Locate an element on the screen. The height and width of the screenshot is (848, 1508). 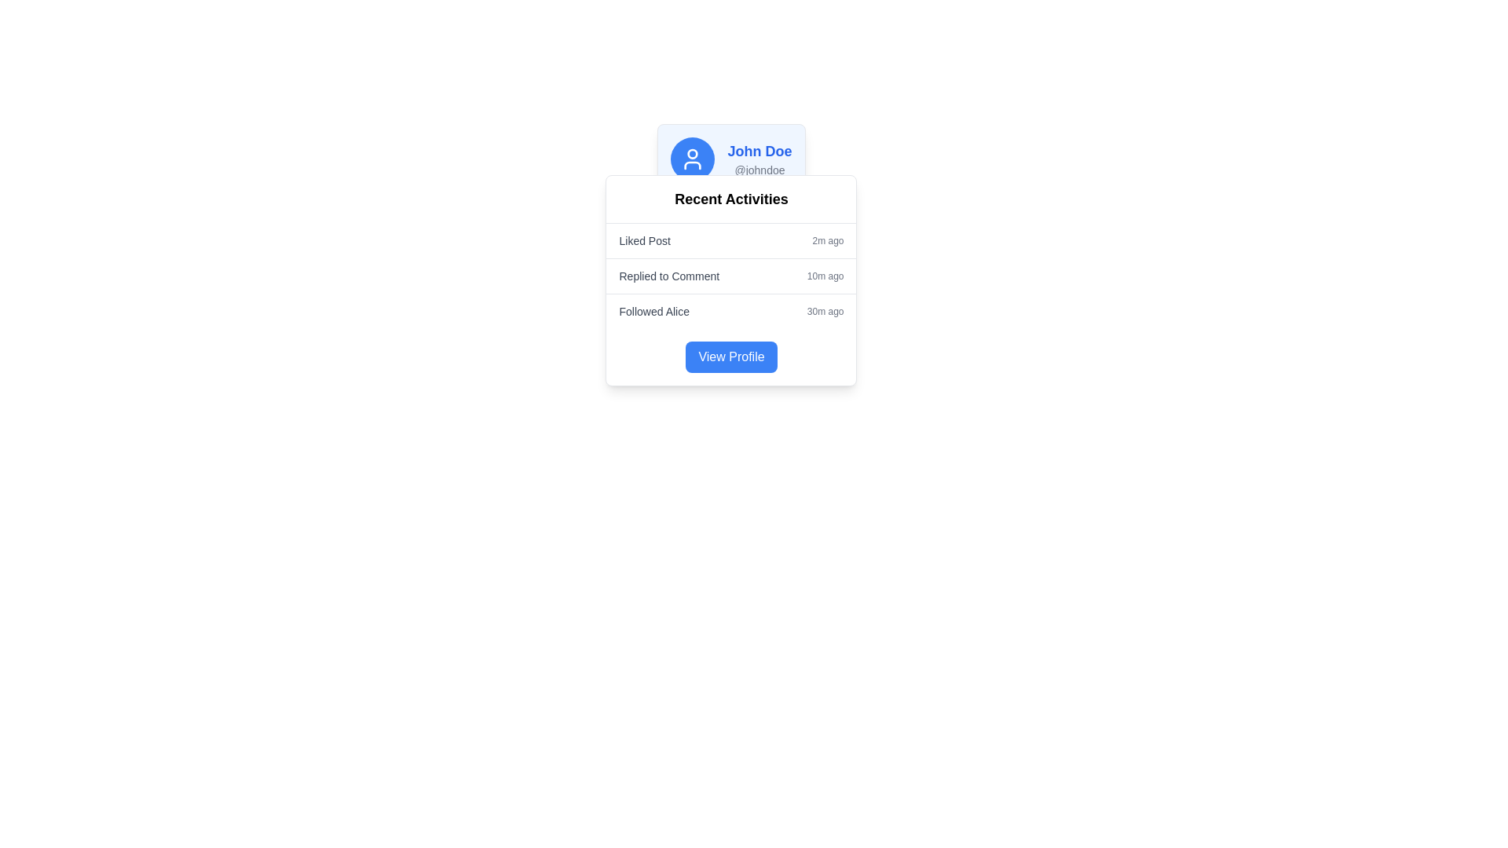
static text indicating the elapsed time since the activity, which shows that 10 minutes have passed since the activity occurred. This text is located at the far-right end of the row labeled 'Replied to Comment' in the 'Recent Activities' section is located at coordinates (825, 275).